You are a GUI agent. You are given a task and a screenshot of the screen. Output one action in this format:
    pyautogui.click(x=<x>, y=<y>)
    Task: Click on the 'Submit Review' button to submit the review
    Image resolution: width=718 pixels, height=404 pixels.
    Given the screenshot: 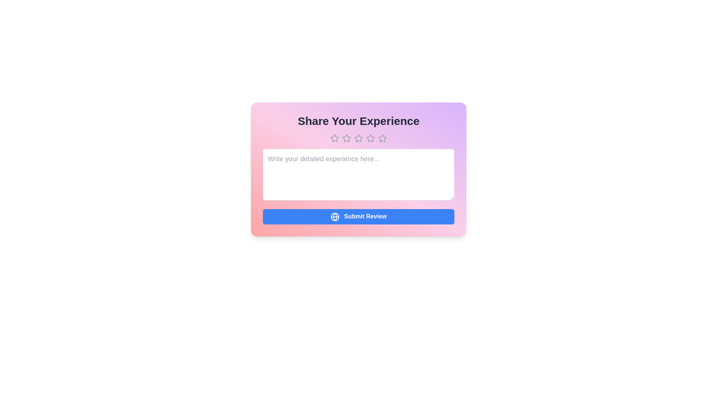 What is the action you would take?
    pyautogui.click(x=358, y=216)
    